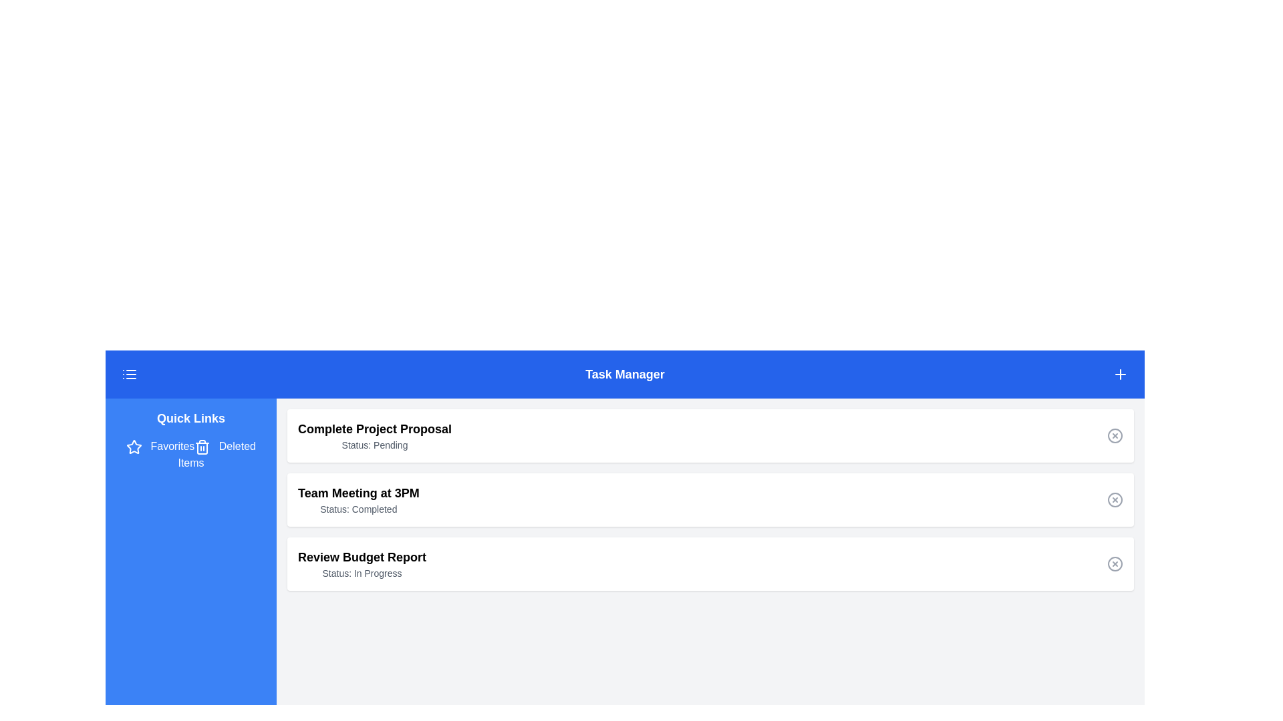 This screenshot has height=721, width=1283. Describe the element at coordinates (710, 563) in the screenshot. I see `the third task item in the Task Manager list` at that location.